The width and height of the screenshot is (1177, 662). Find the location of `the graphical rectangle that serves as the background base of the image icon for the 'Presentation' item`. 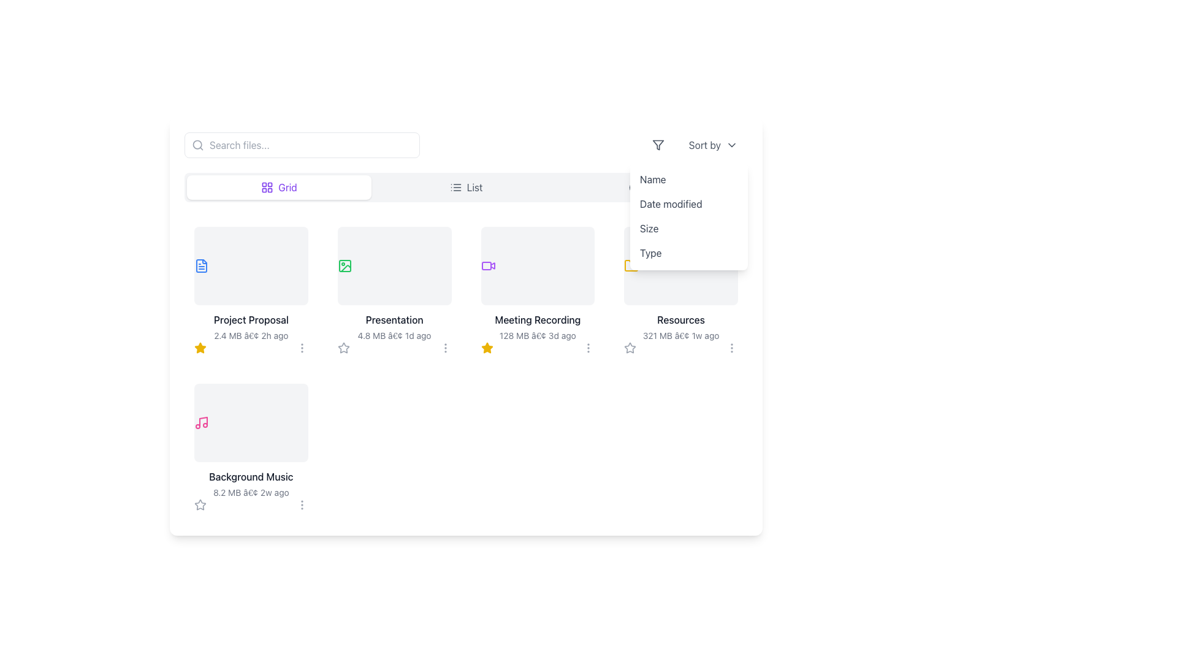

the graphical rectangle that serves as the background base of the image icon for the 'Presentation' item is located at coordinates (344, 265).